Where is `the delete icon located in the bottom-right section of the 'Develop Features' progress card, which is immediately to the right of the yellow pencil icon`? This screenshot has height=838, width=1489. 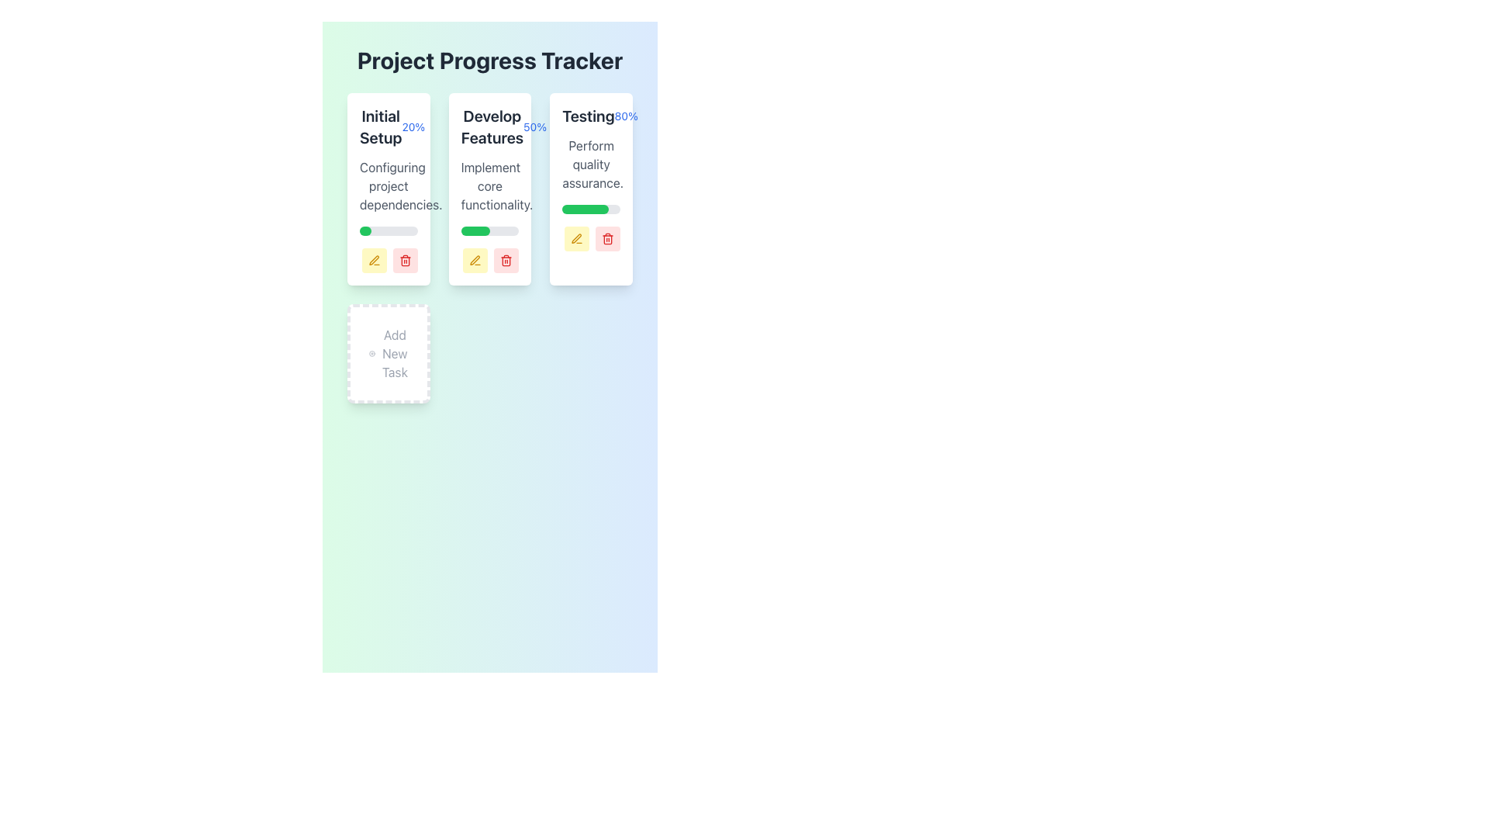
the delete icon located in the bottom-right section of the 'Develop Features' progress card, which is immediately to the right of the yellow pencil icon is located at coordinates (506, 261).